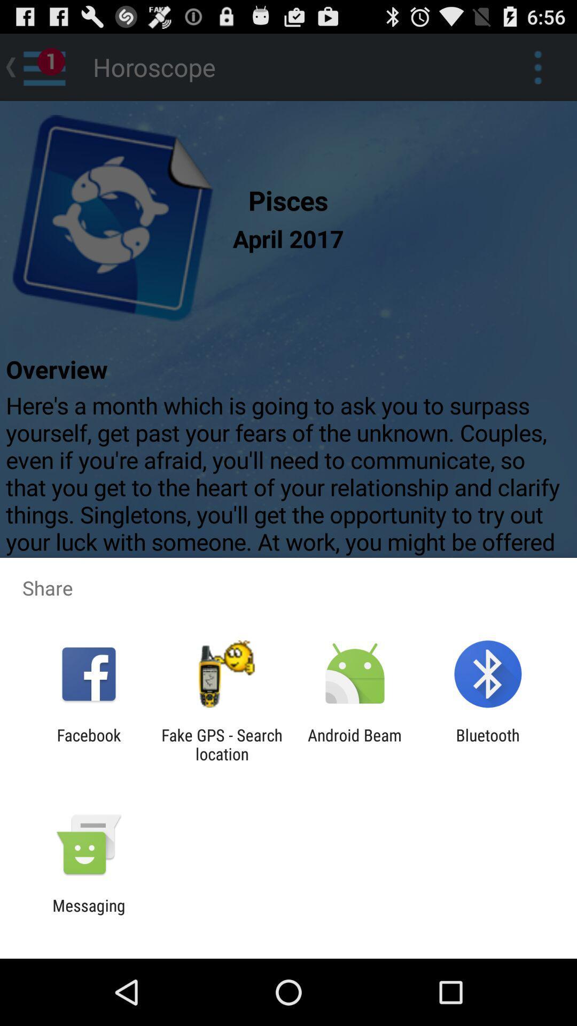  What do you see at coordinates (355, 744) in the screenshot?
I see `item next to bluetooth item` at bounding box center [355, 744].